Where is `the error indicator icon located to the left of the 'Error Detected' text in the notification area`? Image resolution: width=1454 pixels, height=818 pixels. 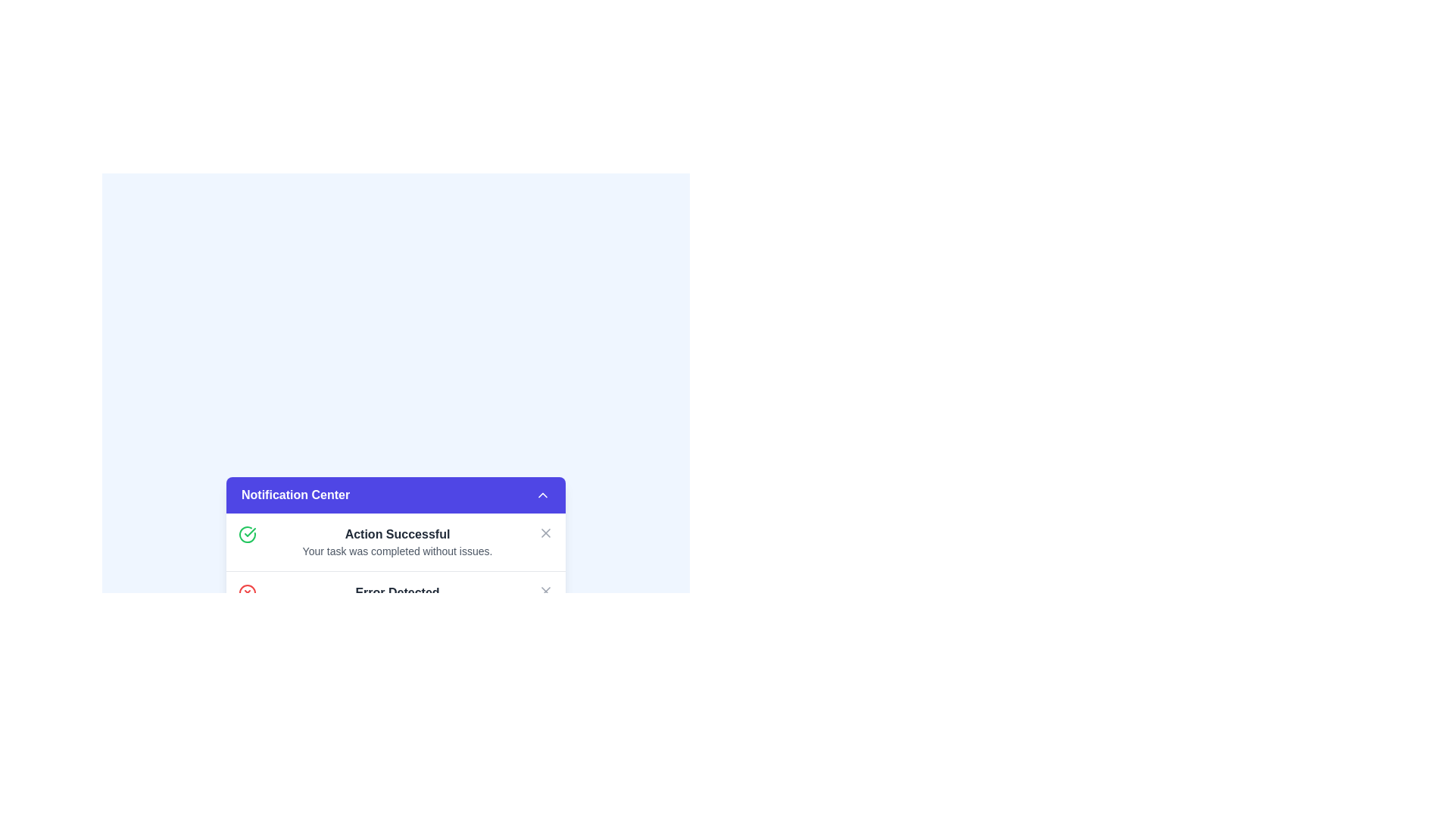 the error indicator icon located to the left of the 'Error Detected' text in the notification area is located at coordinates (247, 592).